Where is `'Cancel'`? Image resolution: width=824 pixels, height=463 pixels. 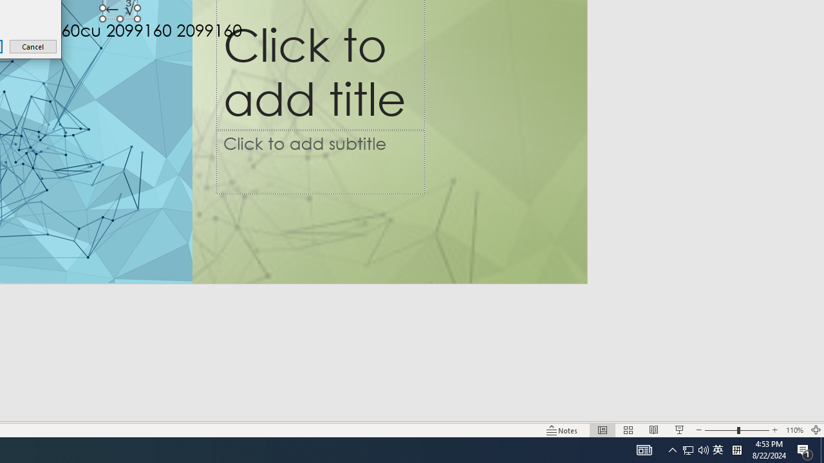
'Cancel' is located at coordinates (33, 46).